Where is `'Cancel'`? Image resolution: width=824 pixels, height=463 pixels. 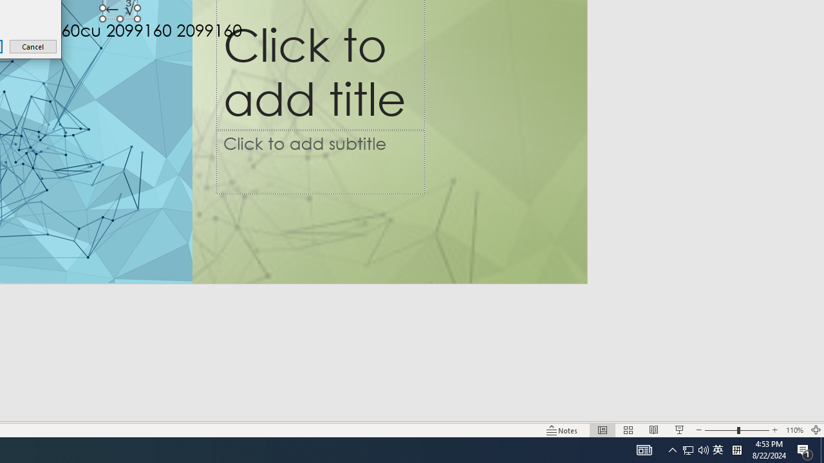
'Cancel' is located at coordinates (33, 46).